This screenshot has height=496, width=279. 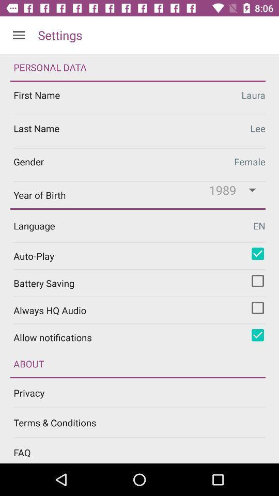 What do you see at coordinates (139, 165) in the screenshot?
I see `change gender` at bounding box center [139, 165].